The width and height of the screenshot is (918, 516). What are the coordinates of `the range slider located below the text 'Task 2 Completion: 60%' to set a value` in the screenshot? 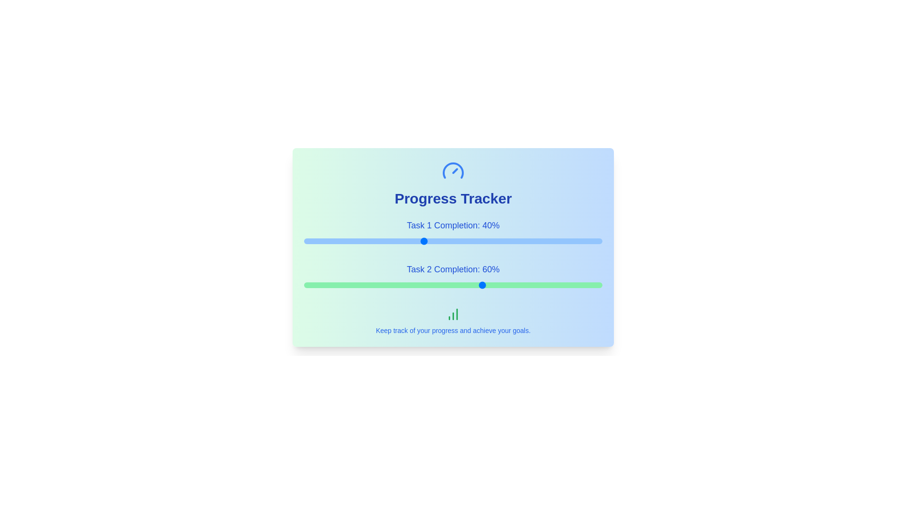 It's located at (453, 285).